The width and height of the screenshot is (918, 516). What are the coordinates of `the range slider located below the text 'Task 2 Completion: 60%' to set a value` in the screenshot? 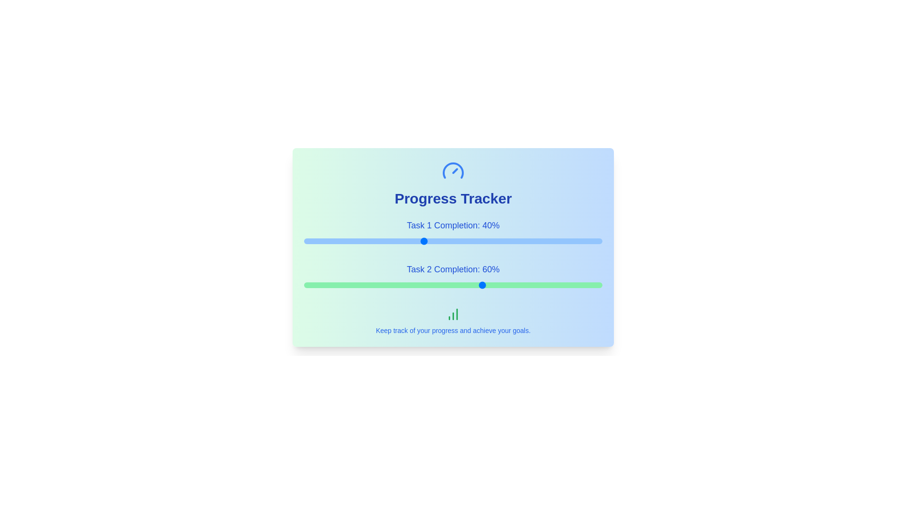 It's located at (453, 285).